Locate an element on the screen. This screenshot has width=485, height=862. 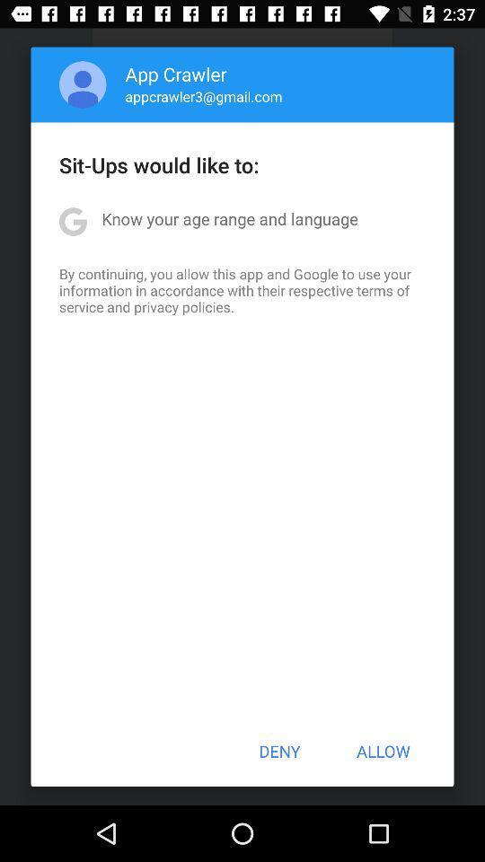
the appcrawler3@gmail.com item is located at coordinates (203, 96).